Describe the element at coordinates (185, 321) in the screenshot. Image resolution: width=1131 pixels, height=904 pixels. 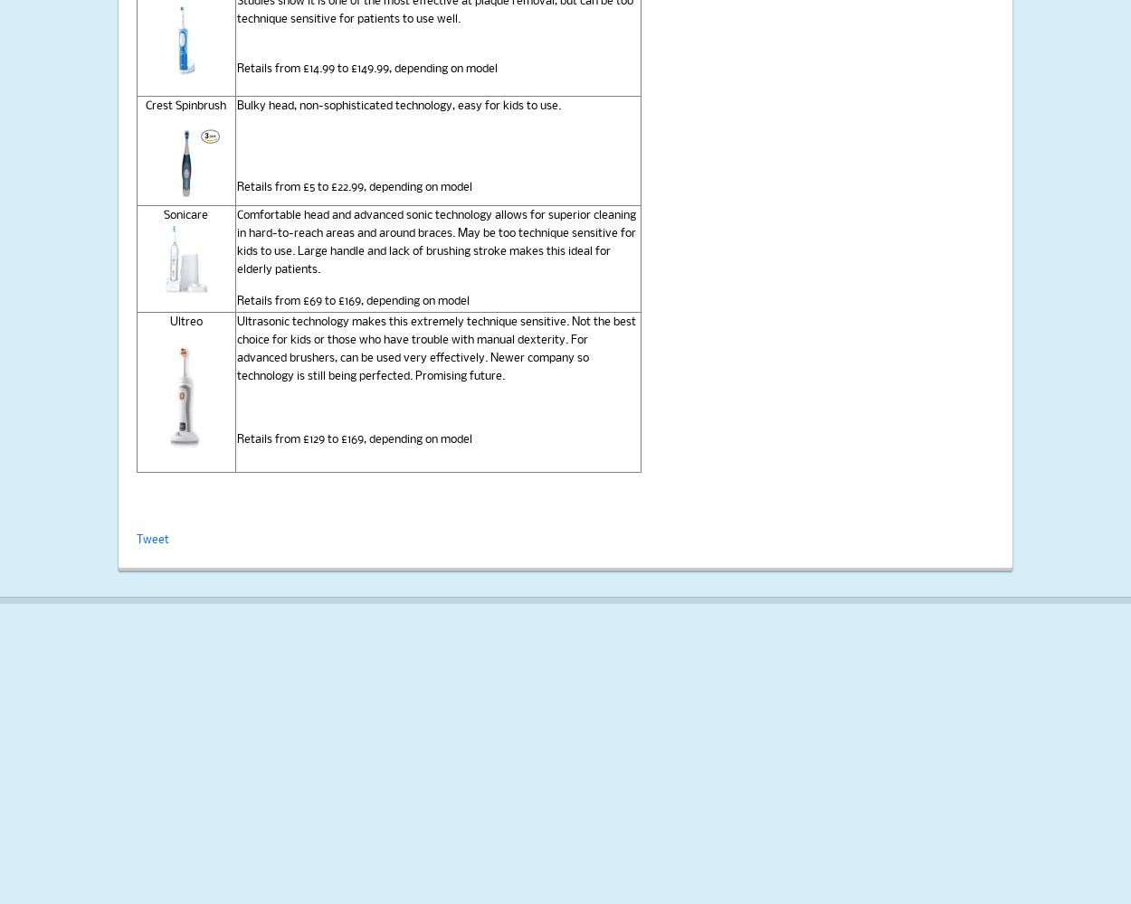
I see `'Ultreo'` at that location.